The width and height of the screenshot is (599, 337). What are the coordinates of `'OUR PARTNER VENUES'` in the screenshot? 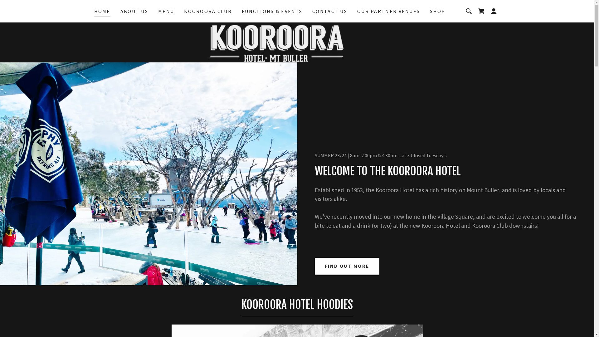 It's located at (388, 11).